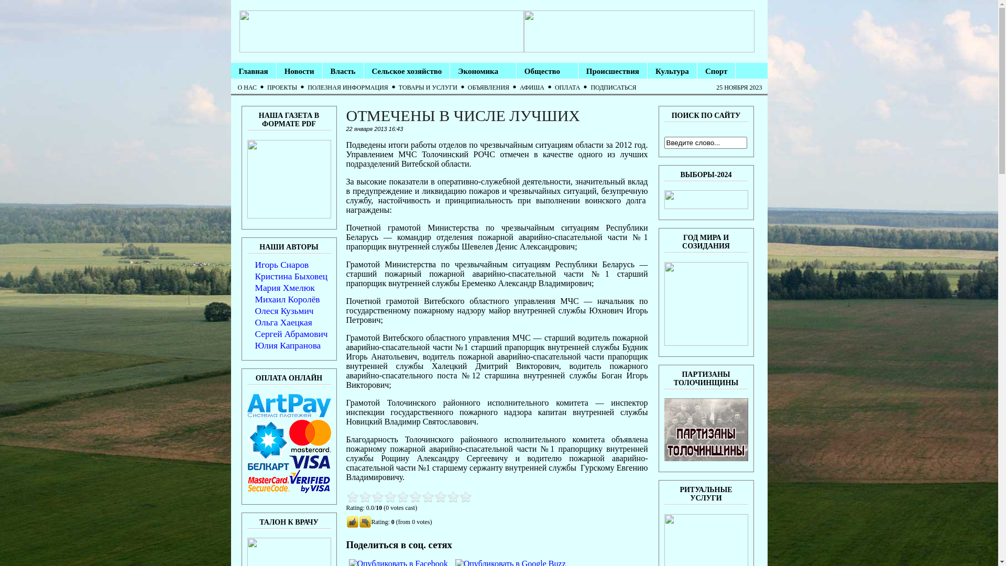  What do you see at coordinates (402, 496) in the screenshot?
I see `'9 / 10'` at bounding box center [402, 496].